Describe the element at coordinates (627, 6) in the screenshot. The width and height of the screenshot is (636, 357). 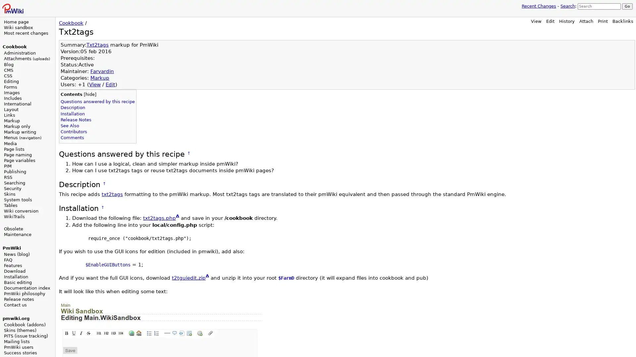
I see `Go` at that location.